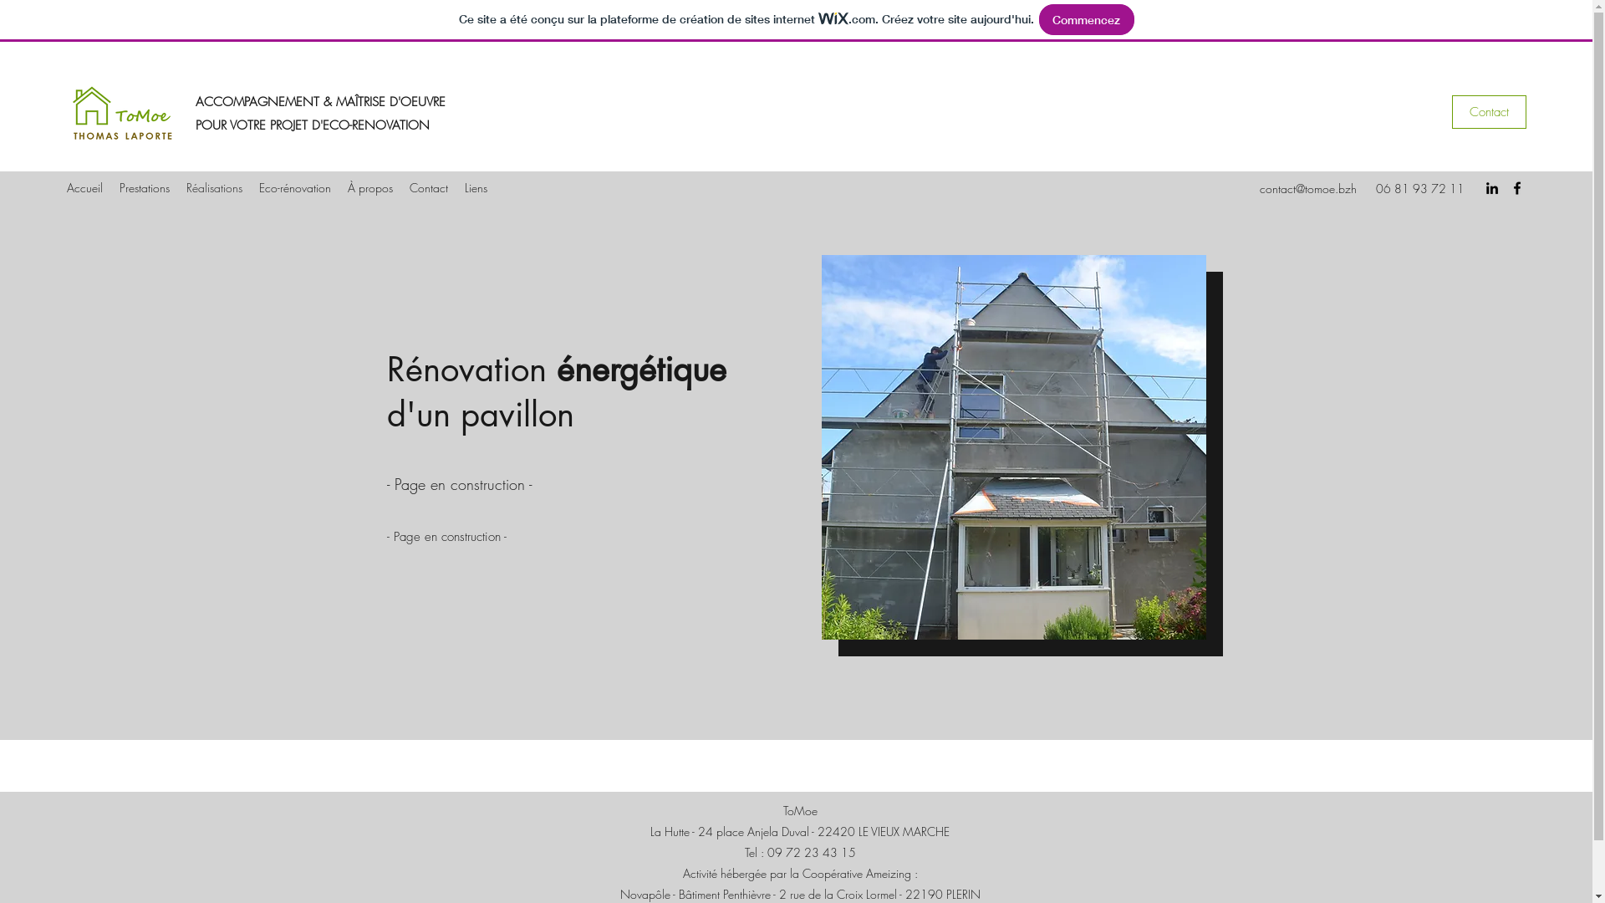 The width and height of the screenshot is (1605, 903). What do you see at coordinates (1489, 112) in the screenshot?
I see `'Contact'` at bounding box center [1489, 112].